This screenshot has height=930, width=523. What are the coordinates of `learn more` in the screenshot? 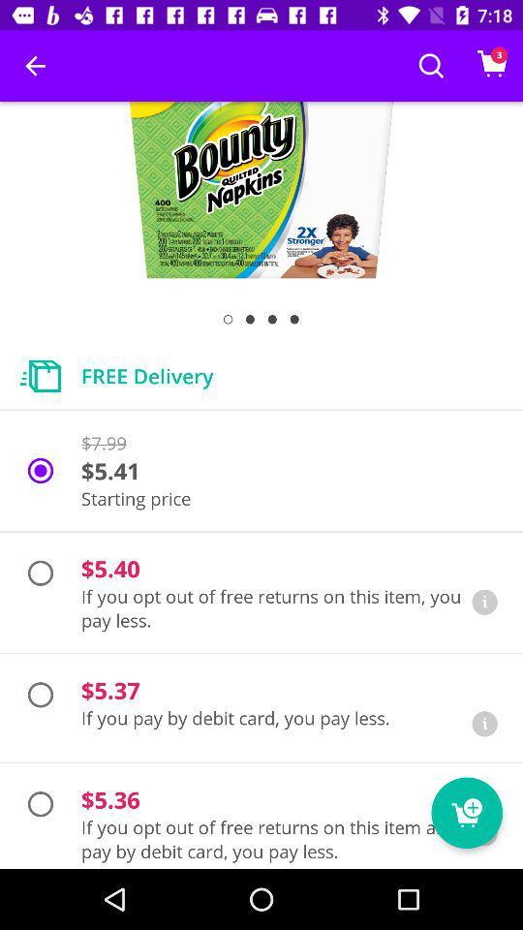 It's located at (483, 601).